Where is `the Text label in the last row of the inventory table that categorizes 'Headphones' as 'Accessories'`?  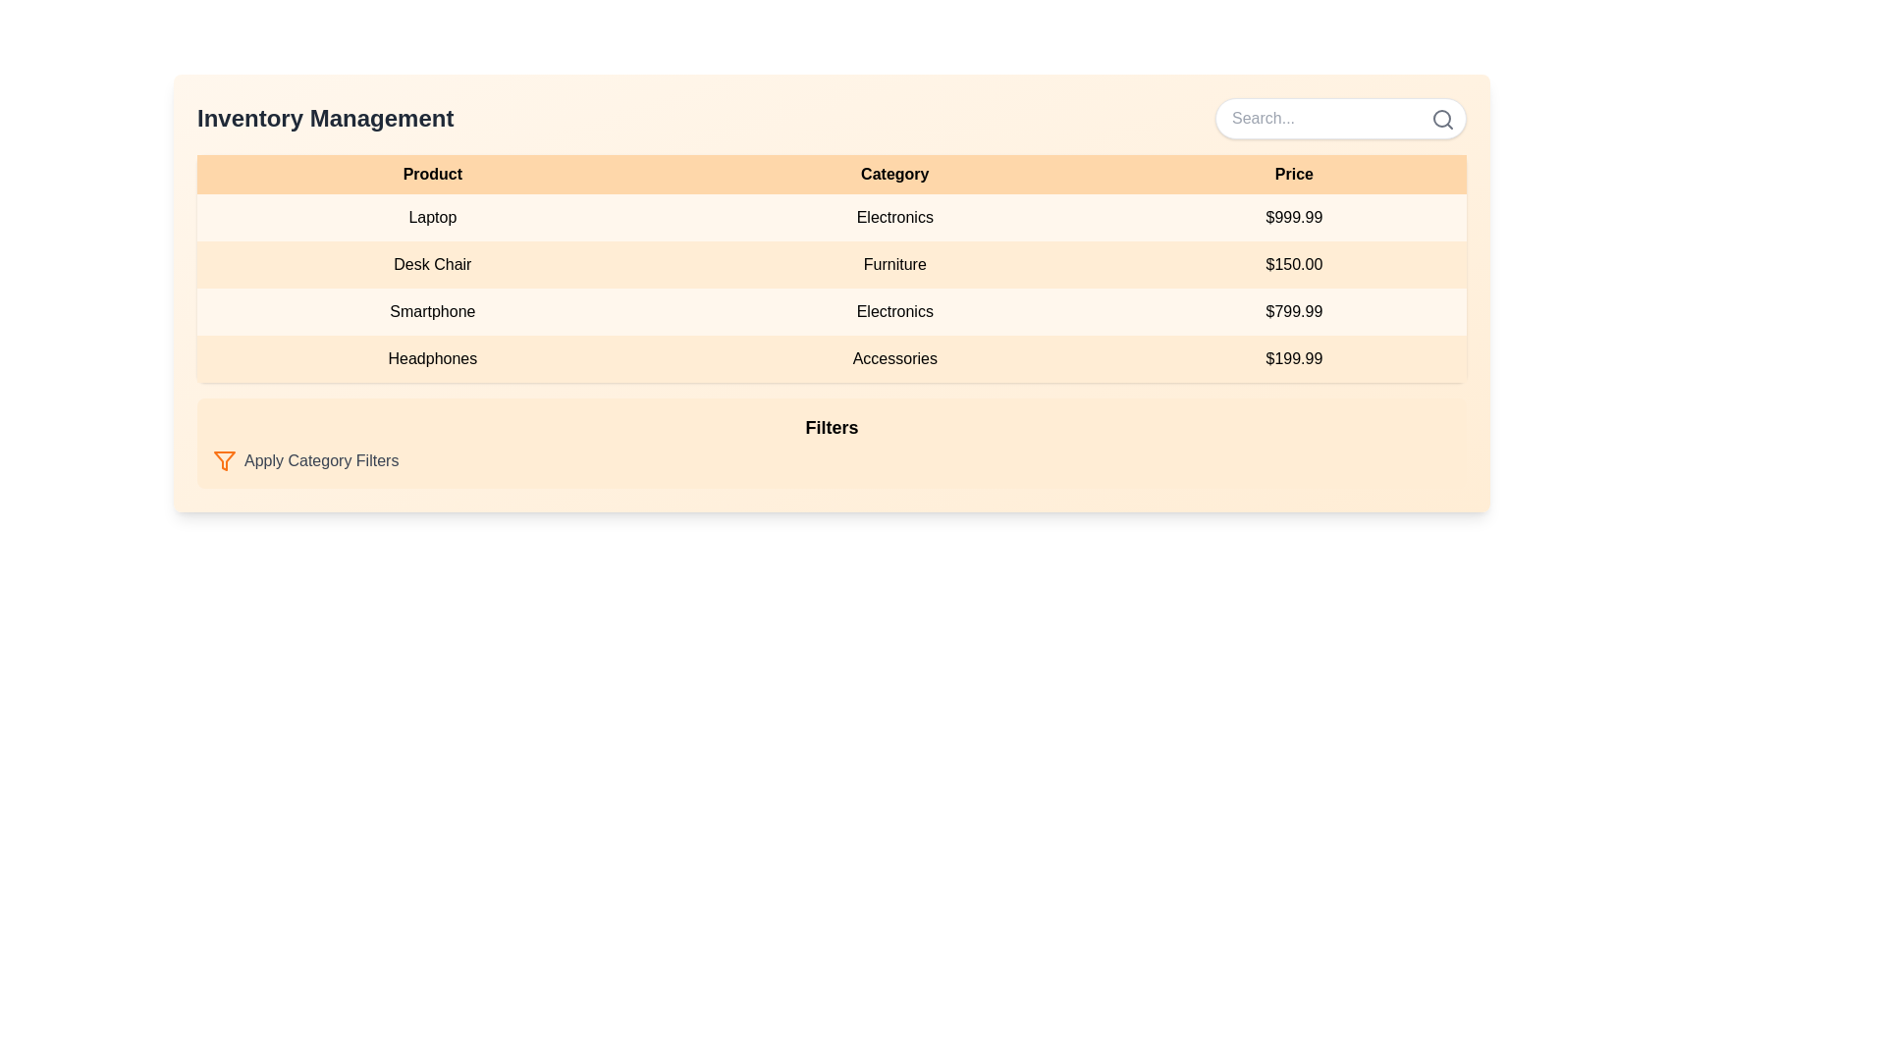 the Text label in the last row of the inventory table that categorizes 'Headphones' as 'Accessories' is located at coordinates (893, 359).